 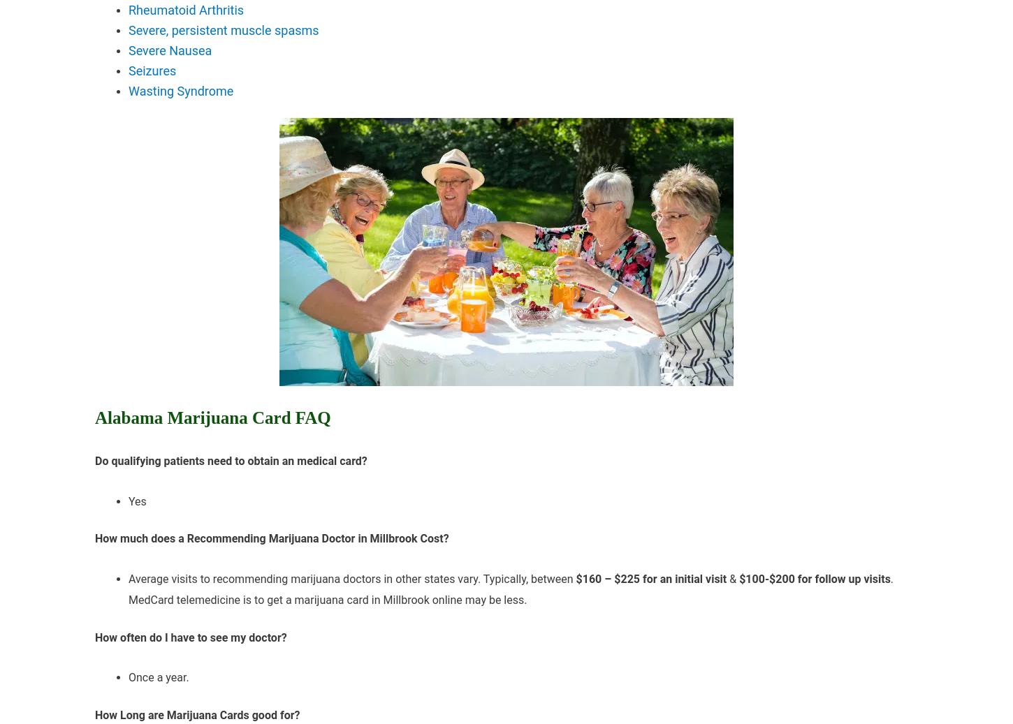 What do you see at coordinates (576, 579) in the screenshot?
I see `'$160 – $225 for an initial visit'` at bounding box center [576, 579].